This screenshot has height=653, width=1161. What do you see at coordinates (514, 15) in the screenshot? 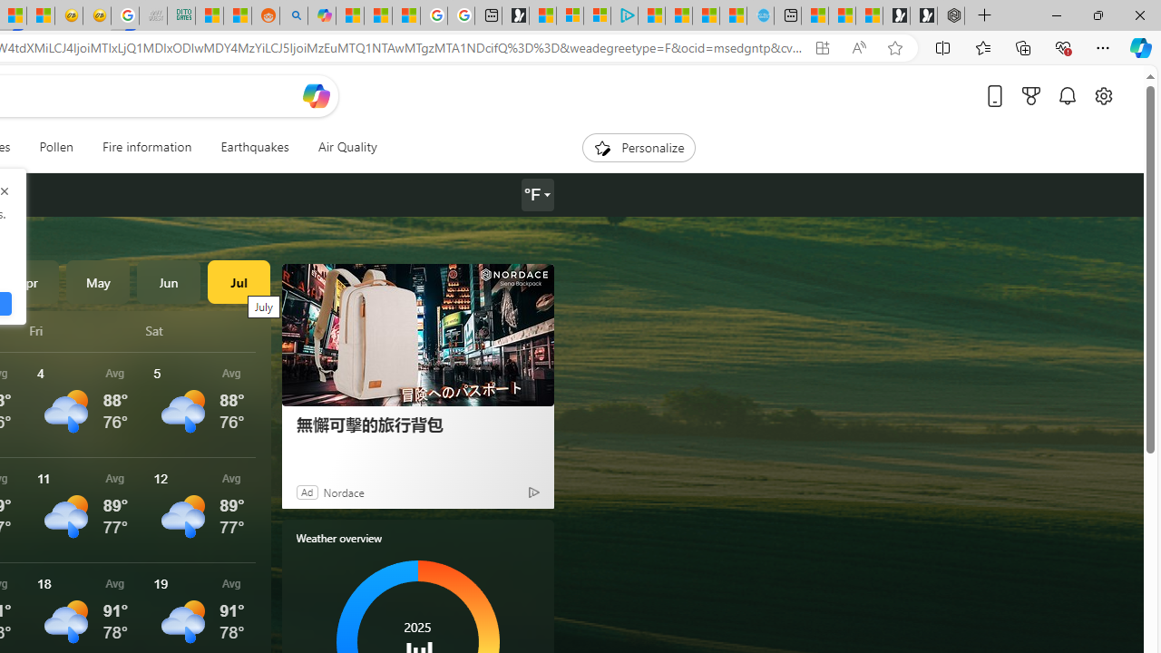
I see `'Microsoft Start Gaming'` at bounding box center [514, 15].